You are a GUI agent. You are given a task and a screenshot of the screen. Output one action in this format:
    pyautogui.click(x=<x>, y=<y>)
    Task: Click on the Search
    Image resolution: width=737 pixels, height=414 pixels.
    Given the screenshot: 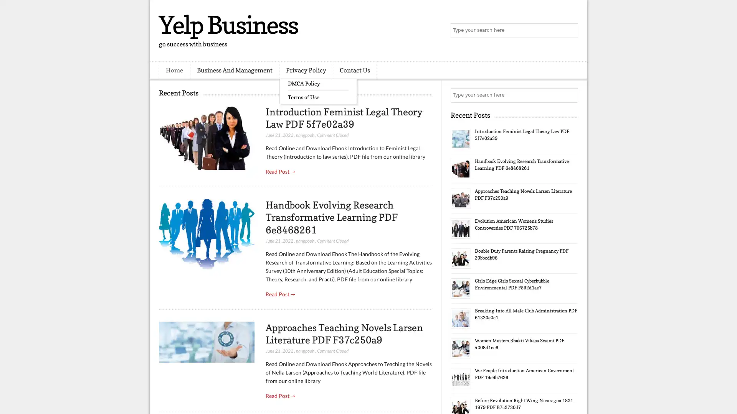 What is the action you would take?
    pyautogui.click(x=570, y=95)
    